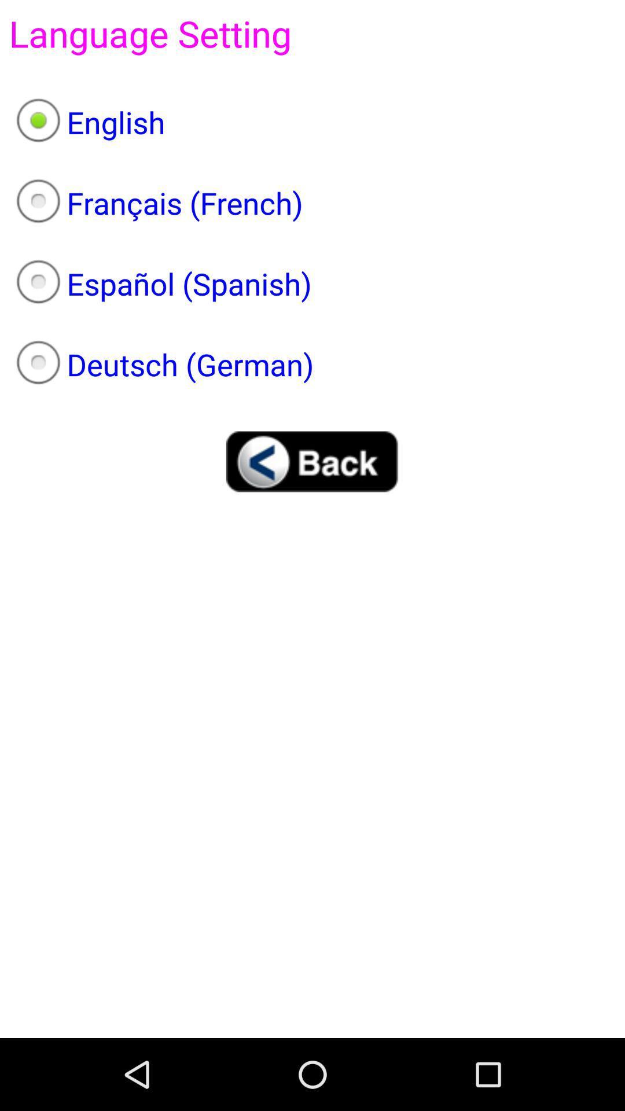  What do you see at coordinates (312, 461) in the screenshot?
I see `go back` at bounding box center [312, 461].